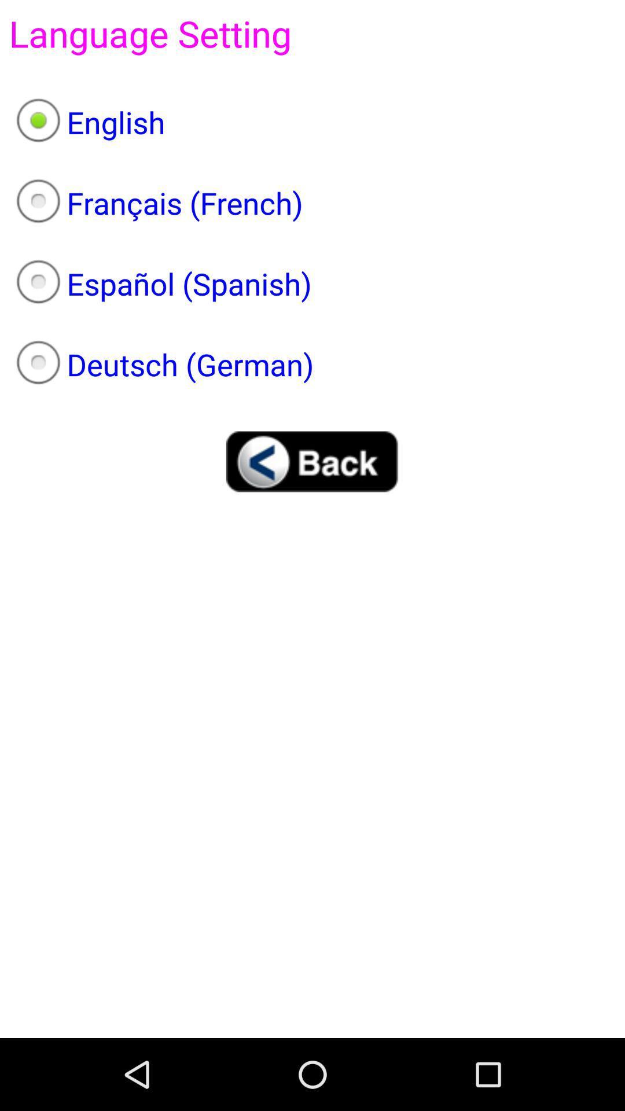  What do you see at coordinates (312, 461) in the screenshot?
I see `go back` at bounding box center [312, 461].